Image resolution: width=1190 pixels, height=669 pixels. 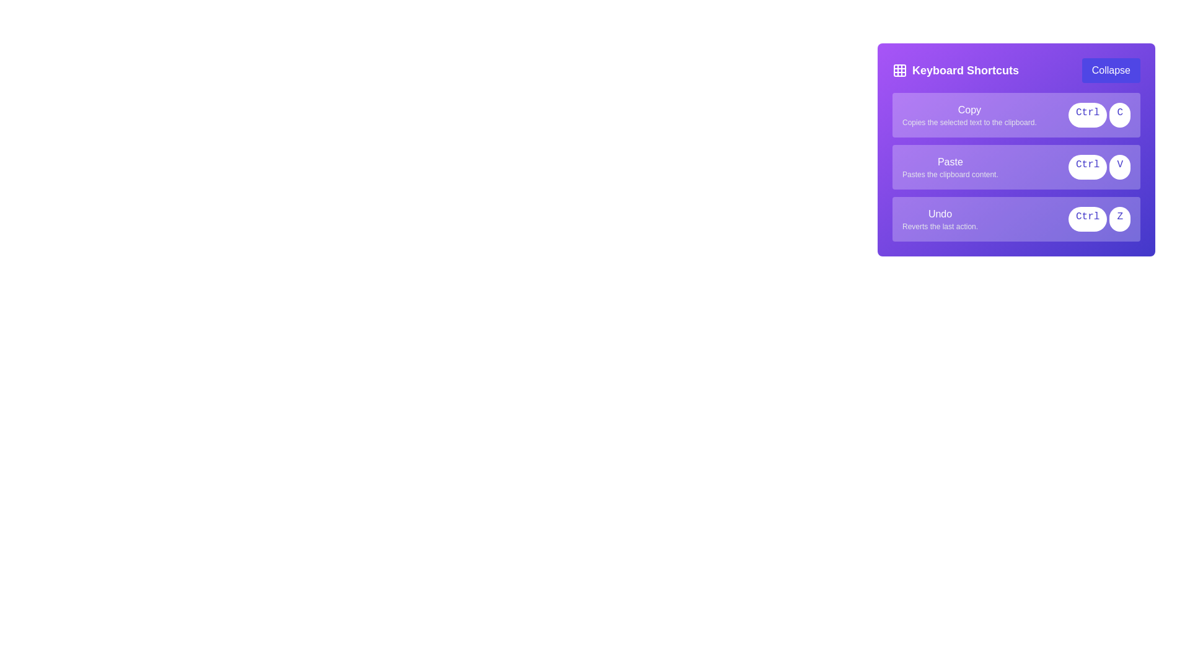 I want to click on the text label reading 'Keyboard Shortcuts', which is styled as a bold, prominent title in large font within a horizontal bar at the top of a purple box, so click(x=954, y=71).